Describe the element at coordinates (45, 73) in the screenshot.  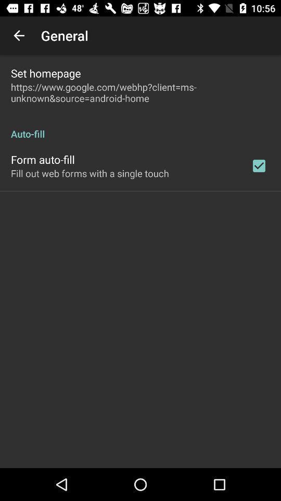
I see `set homepage` at that location.